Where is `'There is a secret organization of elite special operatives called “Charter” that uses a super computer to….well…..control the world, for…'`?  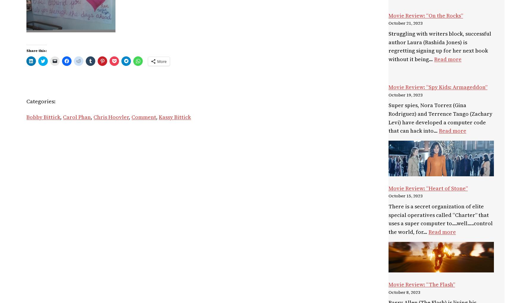 'There is a secret organization of elite special operatives called “Charter” that uses a super computer to….well…..control the world, for…' is located at coordinates (440, 218).